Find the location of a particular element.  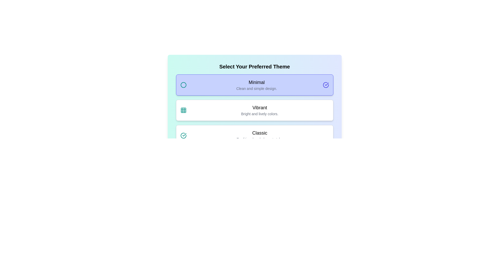

the first selectable card in the list is located at coordinates (254, 84).